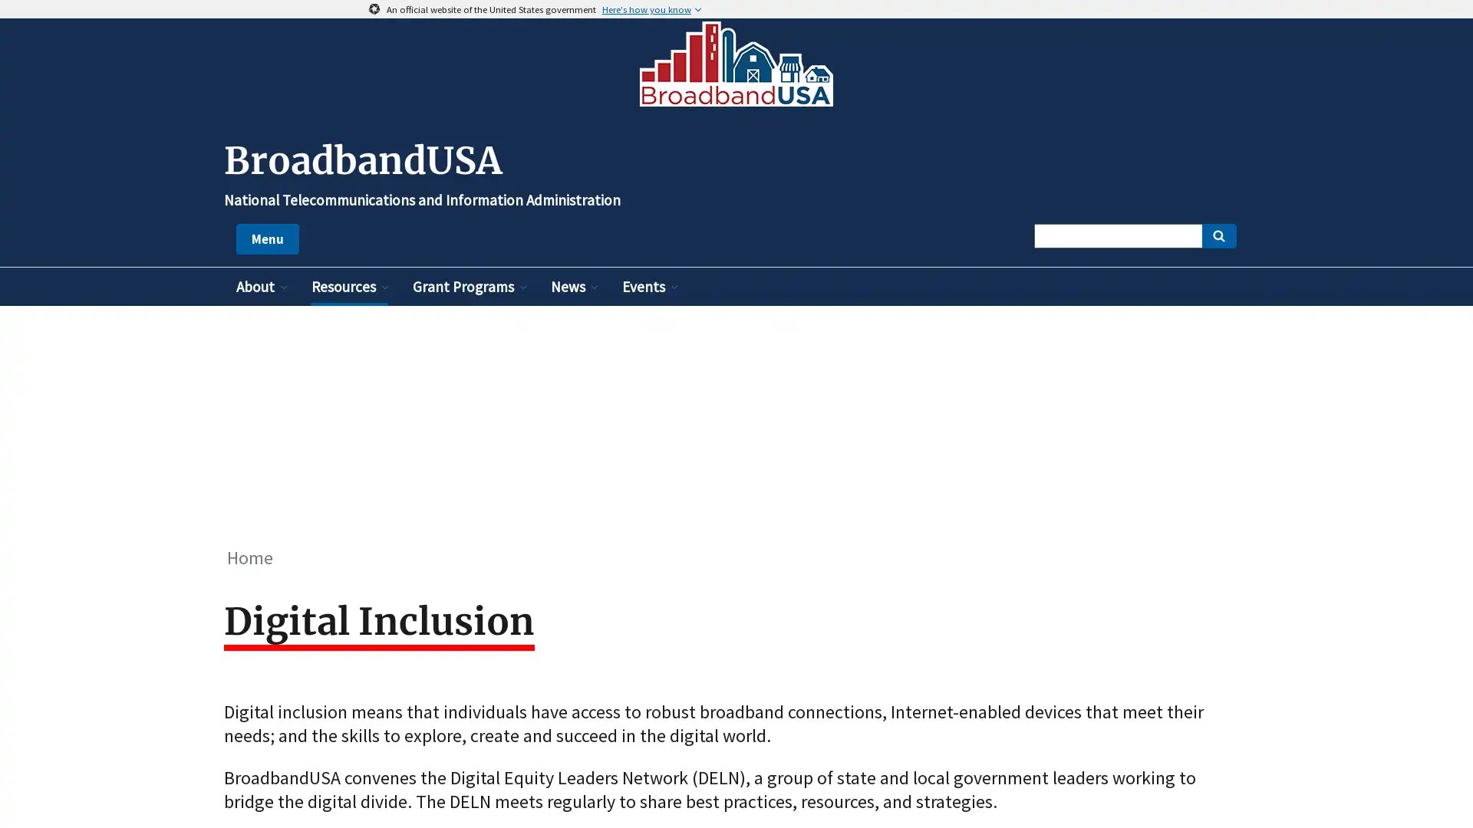  Describe the element at coordinates (349, 287) in the screenshot. I see `Resources` at that location.